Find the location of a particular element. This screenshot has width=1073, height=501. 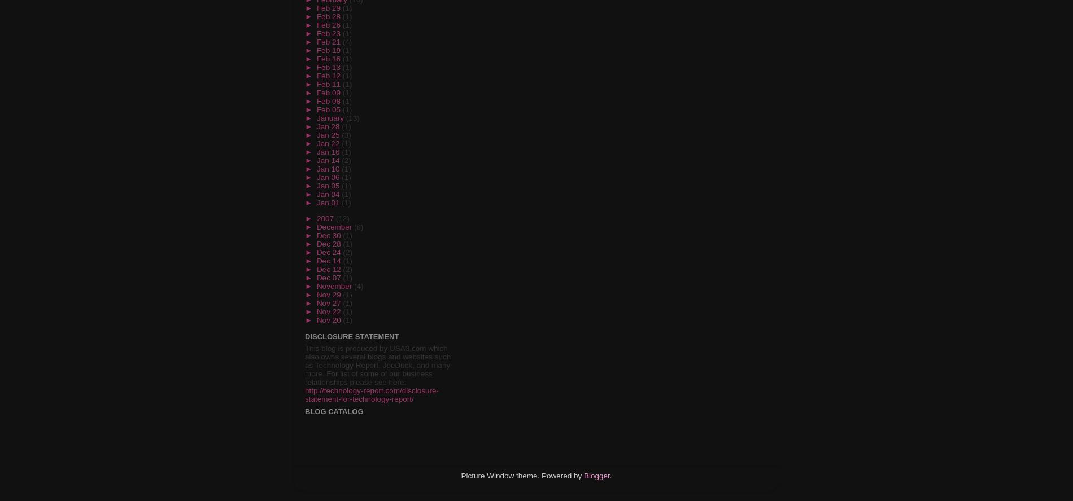

'Picture Window theme. Powered by' is located at coordinates (521, 475).